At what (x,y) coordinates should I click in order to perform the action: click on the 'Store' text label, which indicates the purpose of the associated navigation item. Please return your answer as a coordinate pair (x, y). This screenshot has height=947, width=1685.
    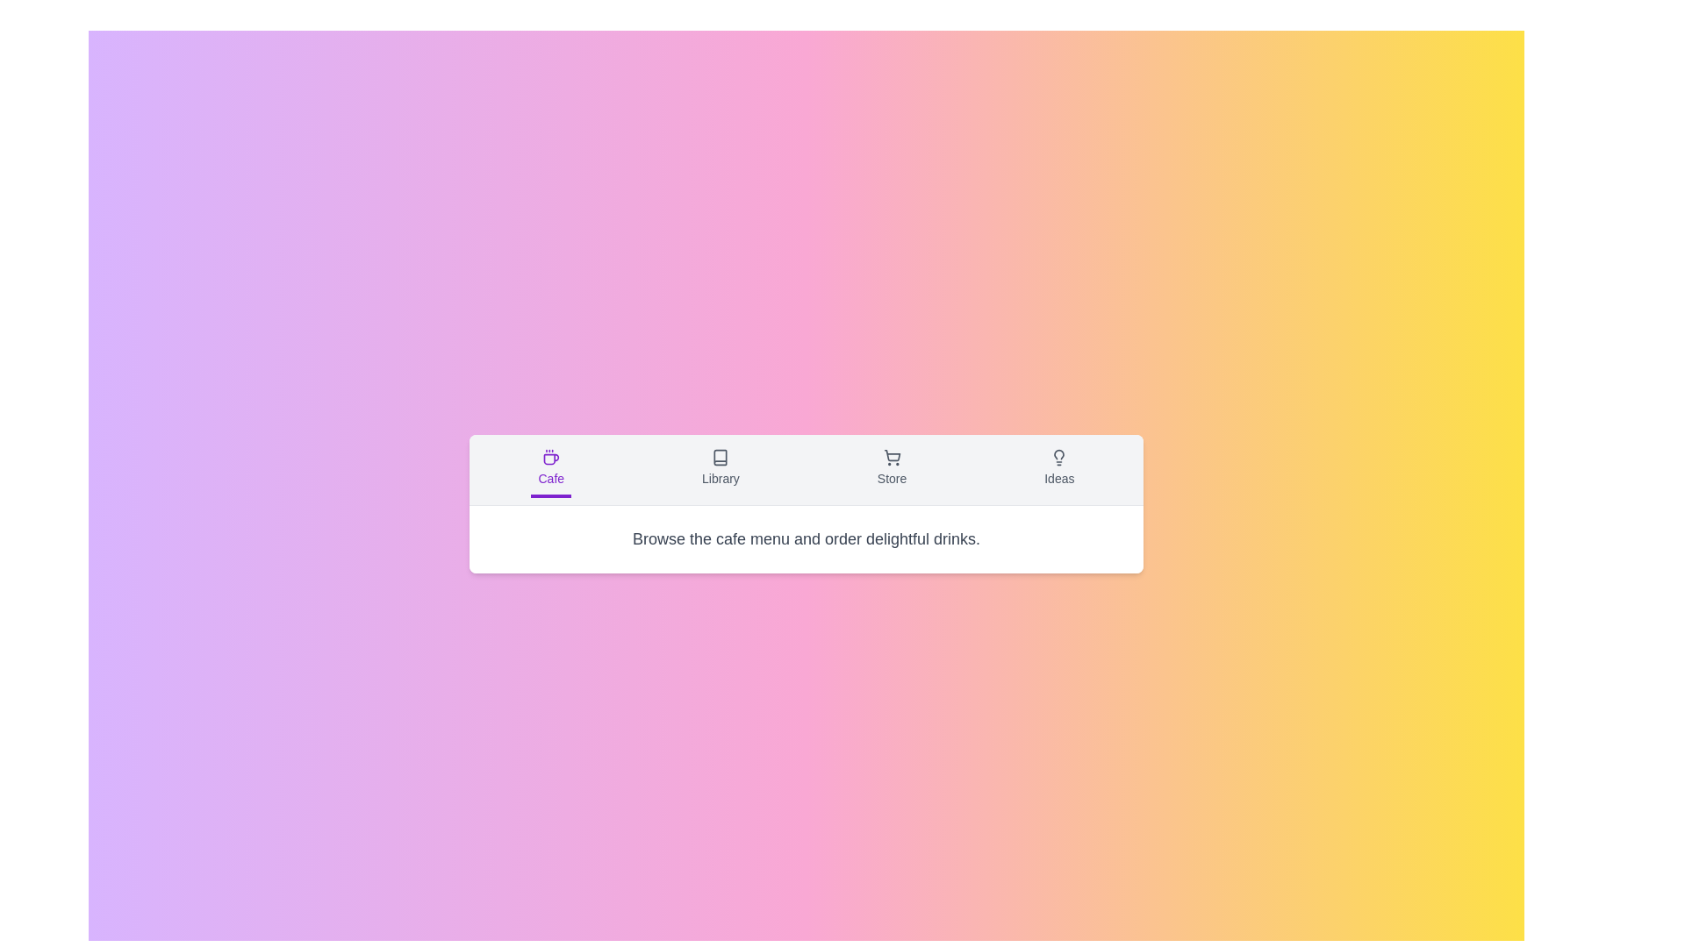
    Looking at the image, I should click on (892, 478).